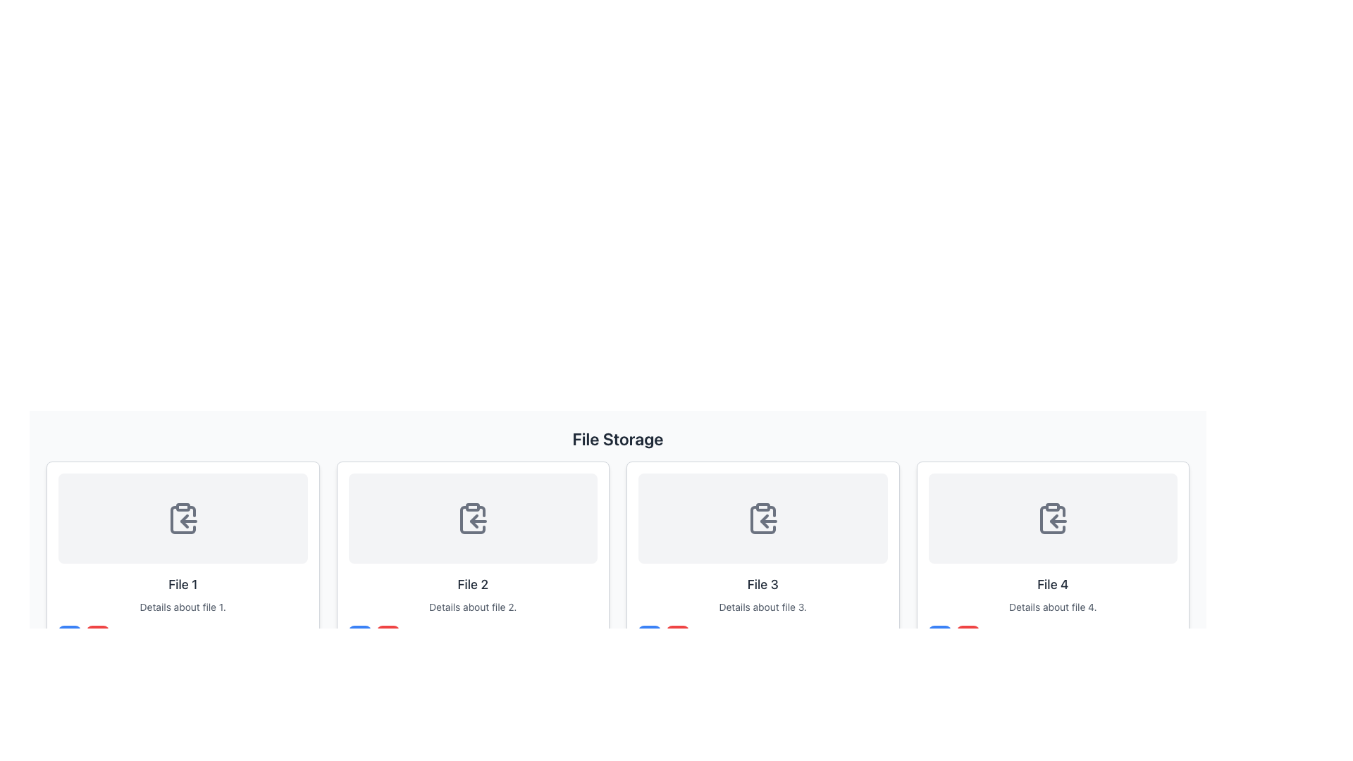  Describe the element at coordinates (763, 521) in the screenshot. I see `the left-oriented arrow inside the clipboard icon located in the header of the card titled 'File 3'` at that location.